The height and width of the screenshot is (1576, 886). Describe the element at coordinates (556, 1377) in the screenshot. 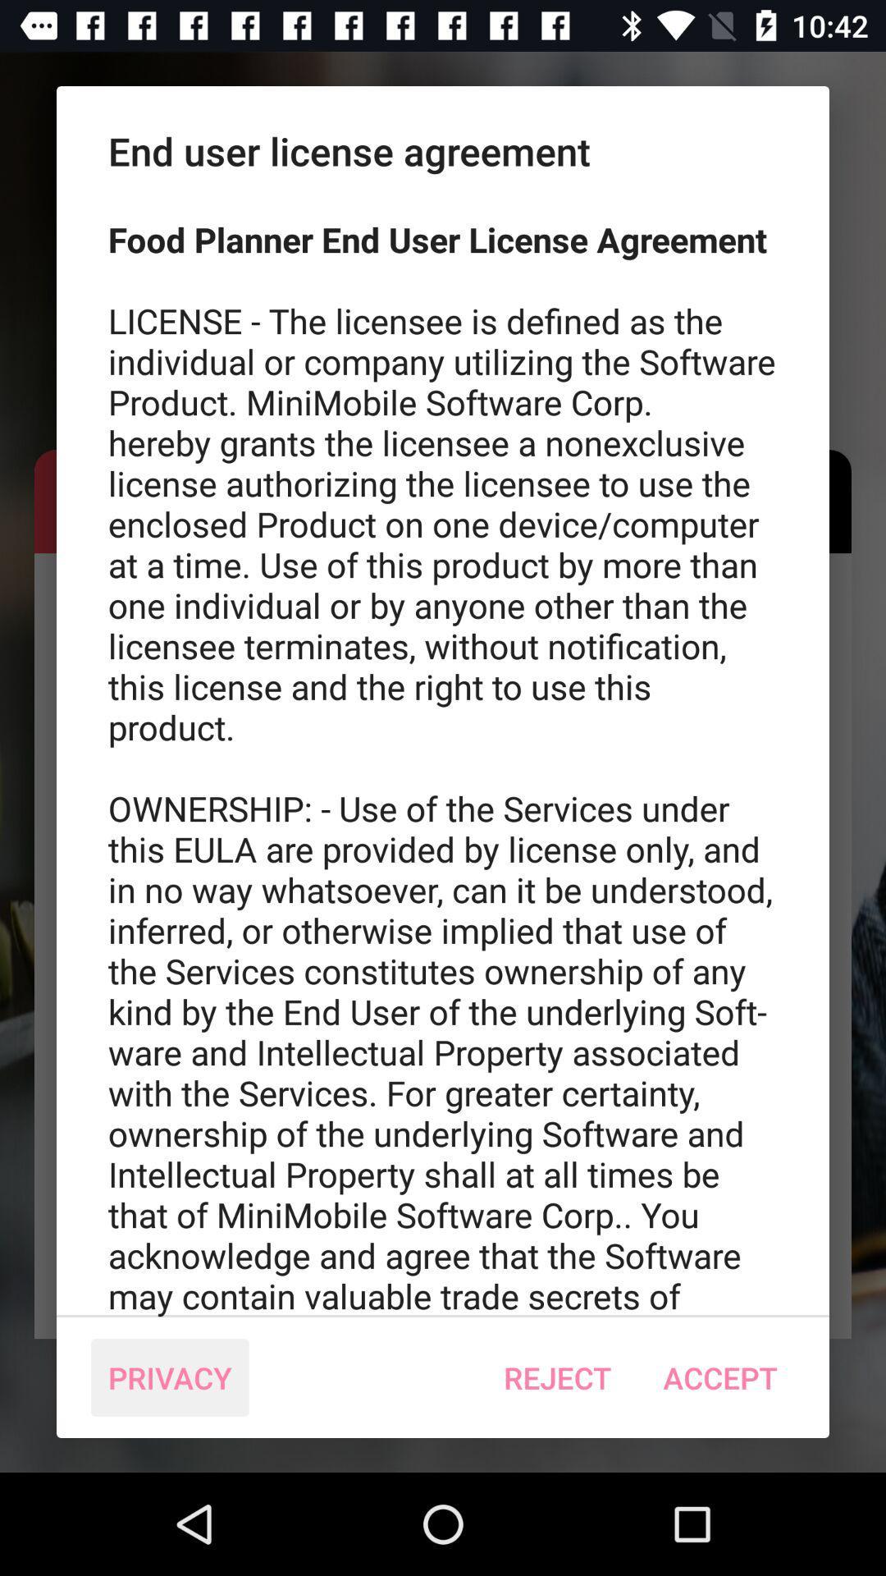

I see `the icon to the right of the privacy icon` at that location.